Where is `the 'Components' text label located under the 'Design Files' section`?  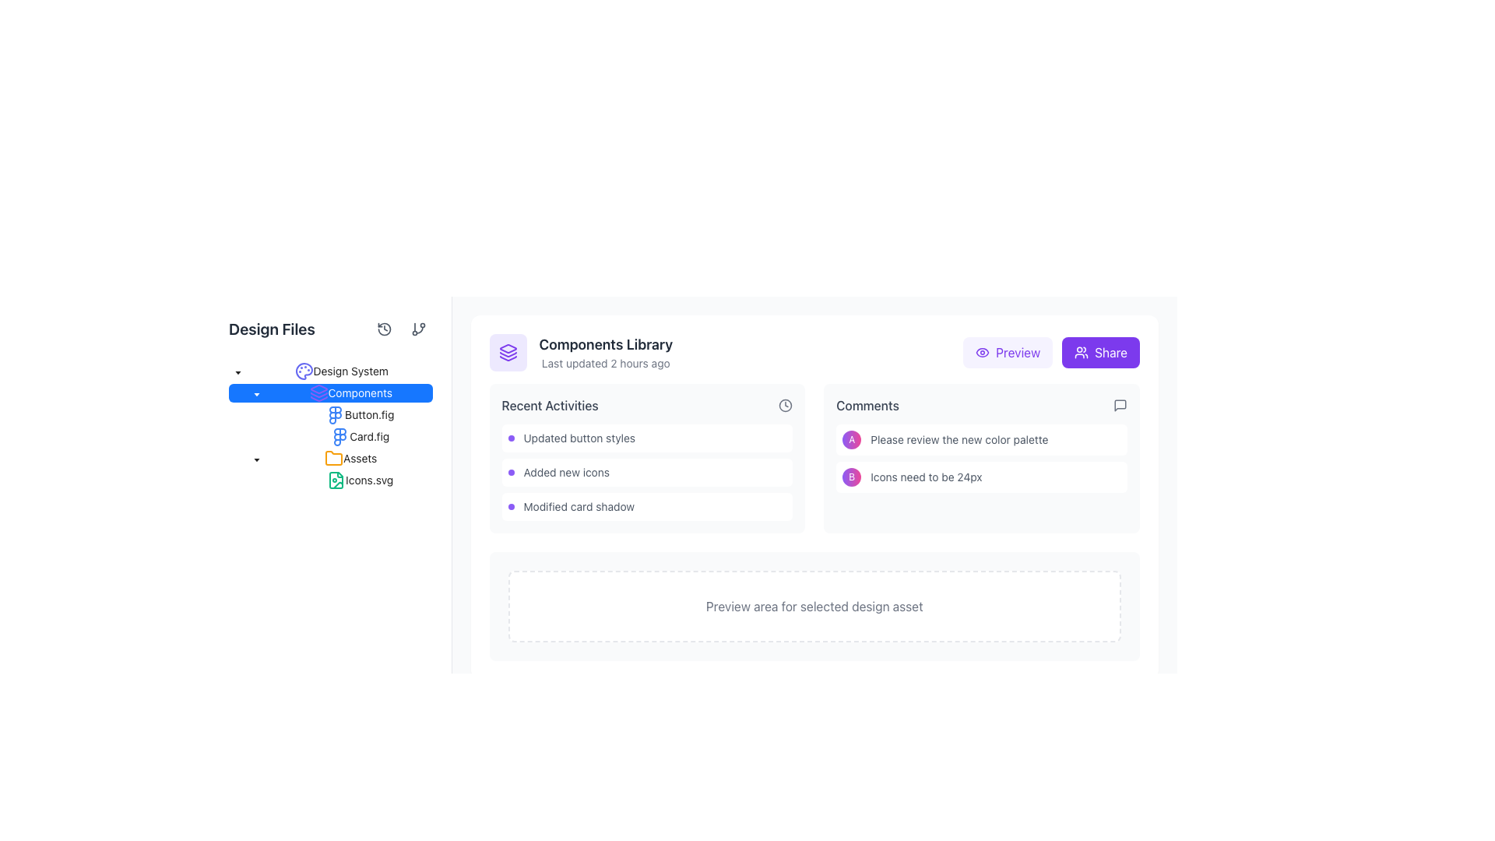 the 'Components' text label located under the 'Design Files' section is located at coordinates (359, 392).